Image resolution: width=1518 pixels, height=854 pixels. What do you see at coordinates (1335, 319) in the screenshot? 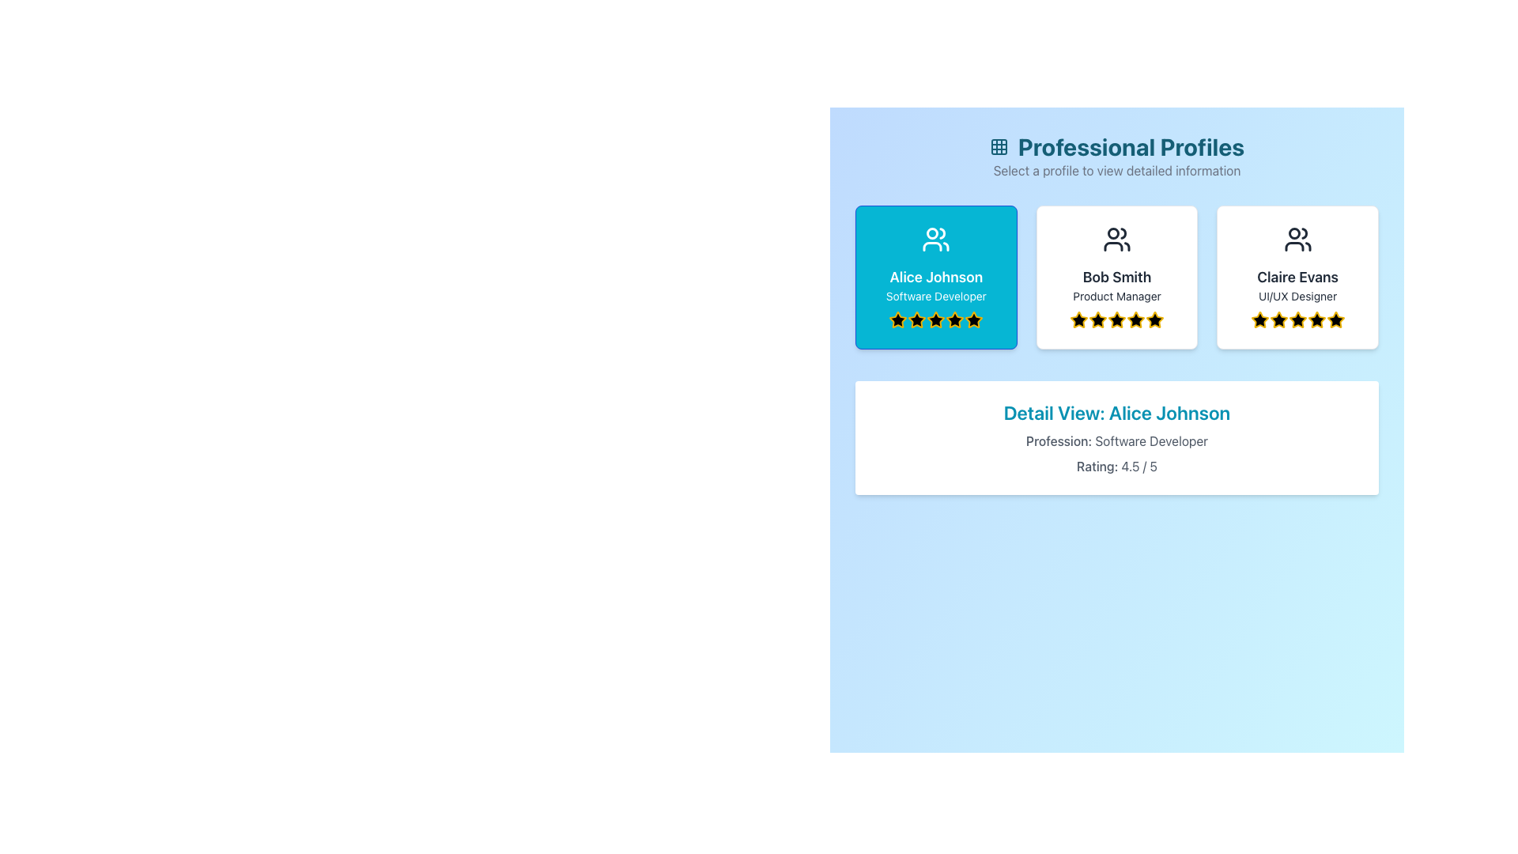
I see `the fifth star icon that indicates the rating point for Claire Evans, located in the upper-right card of the Professional Profiles section` at bounding box center [1335, 319].